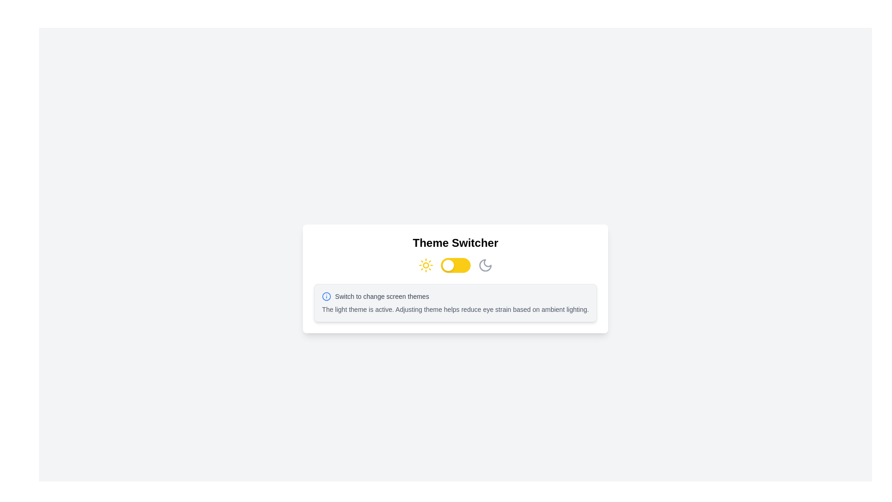 This screenshot has width=892, height=502. What do you see at coordinates (485, 265) in the screenshot?
I see `the crescent moon icon in the 'Theme Switcher' control group, which is the third item from the left` at bounding box center [485, 265].